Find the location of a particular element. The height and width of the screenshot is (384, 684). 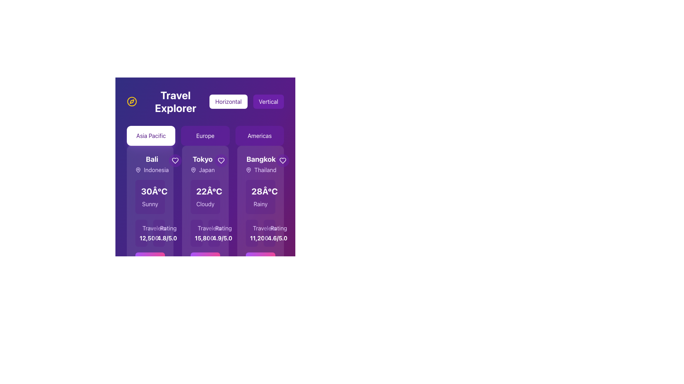

the 'rainy' weather condition label located in the third column under the 'Asia Pacific' tab for Bangkok is located at coordinates (260, 204).